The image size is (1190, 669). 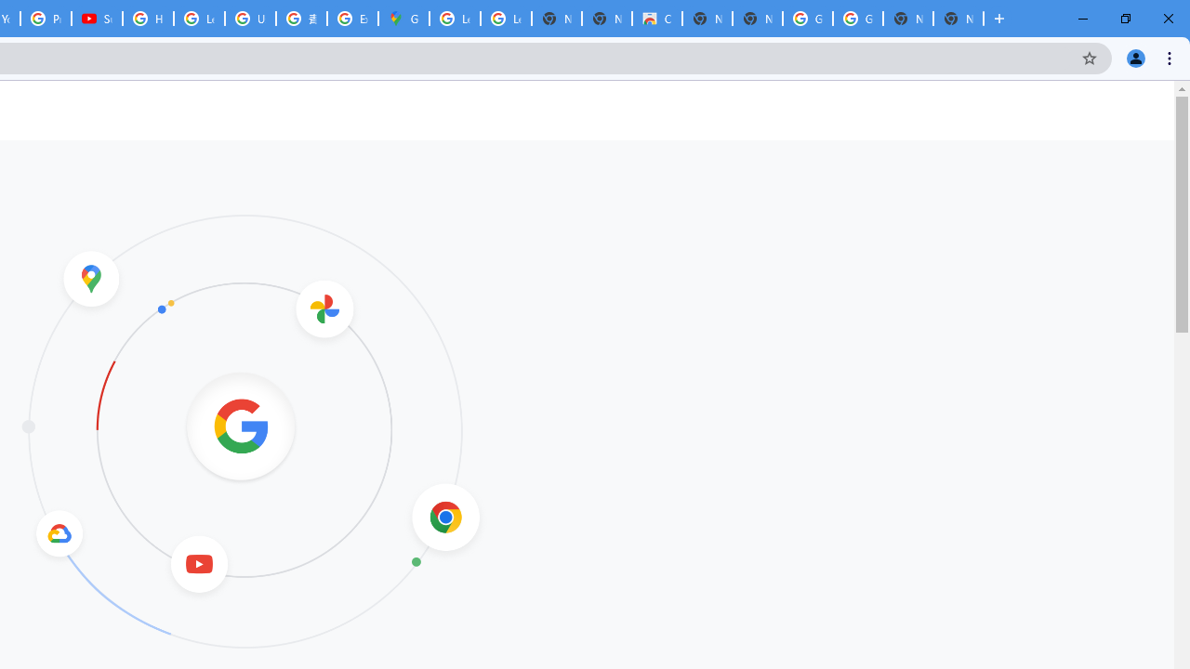 I want to click on 'Google Maps', so click(x=403, y=19).